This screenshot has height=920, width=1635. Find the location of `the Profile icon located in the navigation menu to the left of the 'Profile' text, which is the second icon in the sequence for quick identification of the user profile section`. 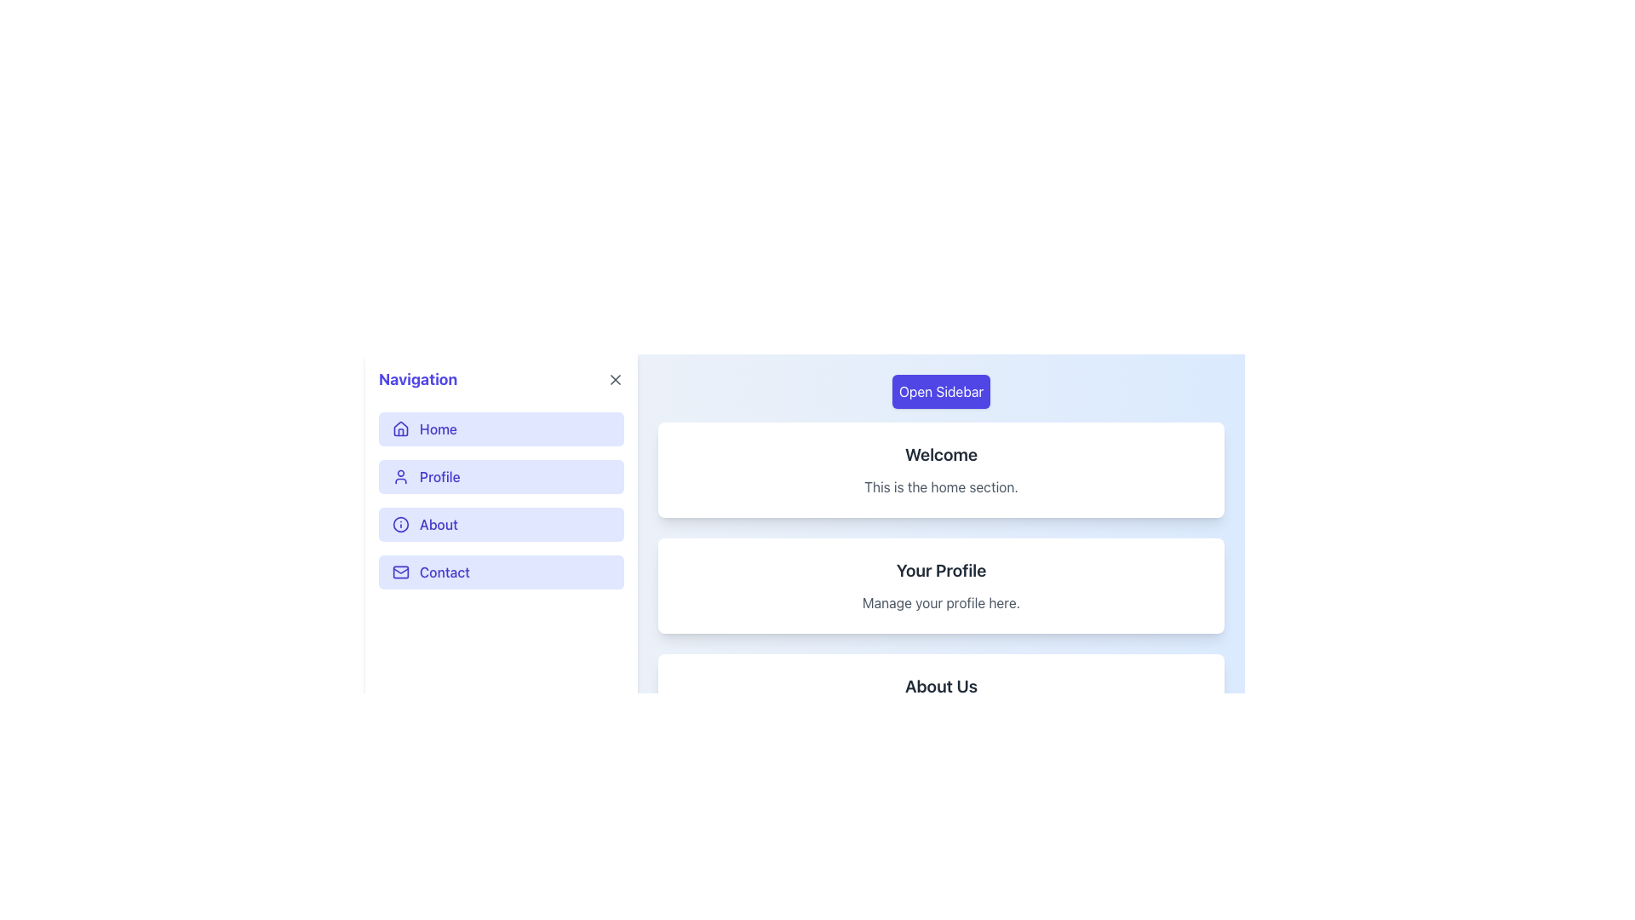

the Profile icon located in the navigation menu to the left of the 'Profile' text, which is the second icon in the sequence for quick identification of the user profile section is located at coordinates (399, 476).